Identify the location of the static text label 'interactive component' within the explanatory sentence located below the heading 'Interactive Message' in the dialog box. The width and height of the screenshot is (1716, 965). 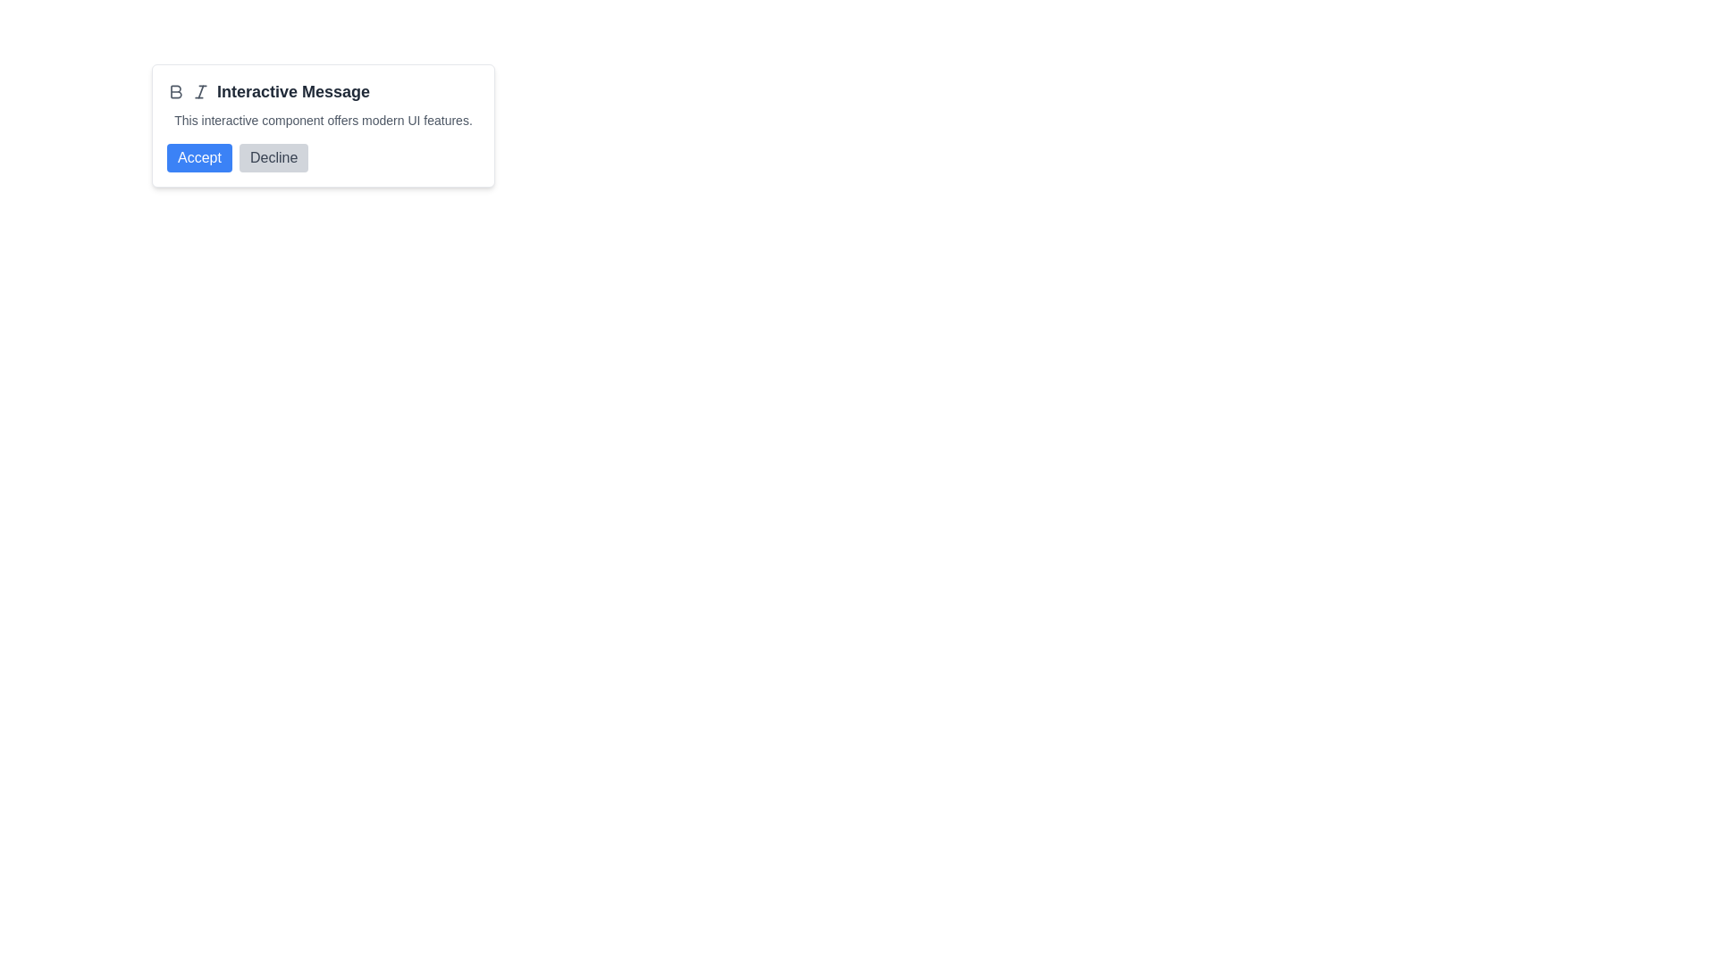
(261, 121).